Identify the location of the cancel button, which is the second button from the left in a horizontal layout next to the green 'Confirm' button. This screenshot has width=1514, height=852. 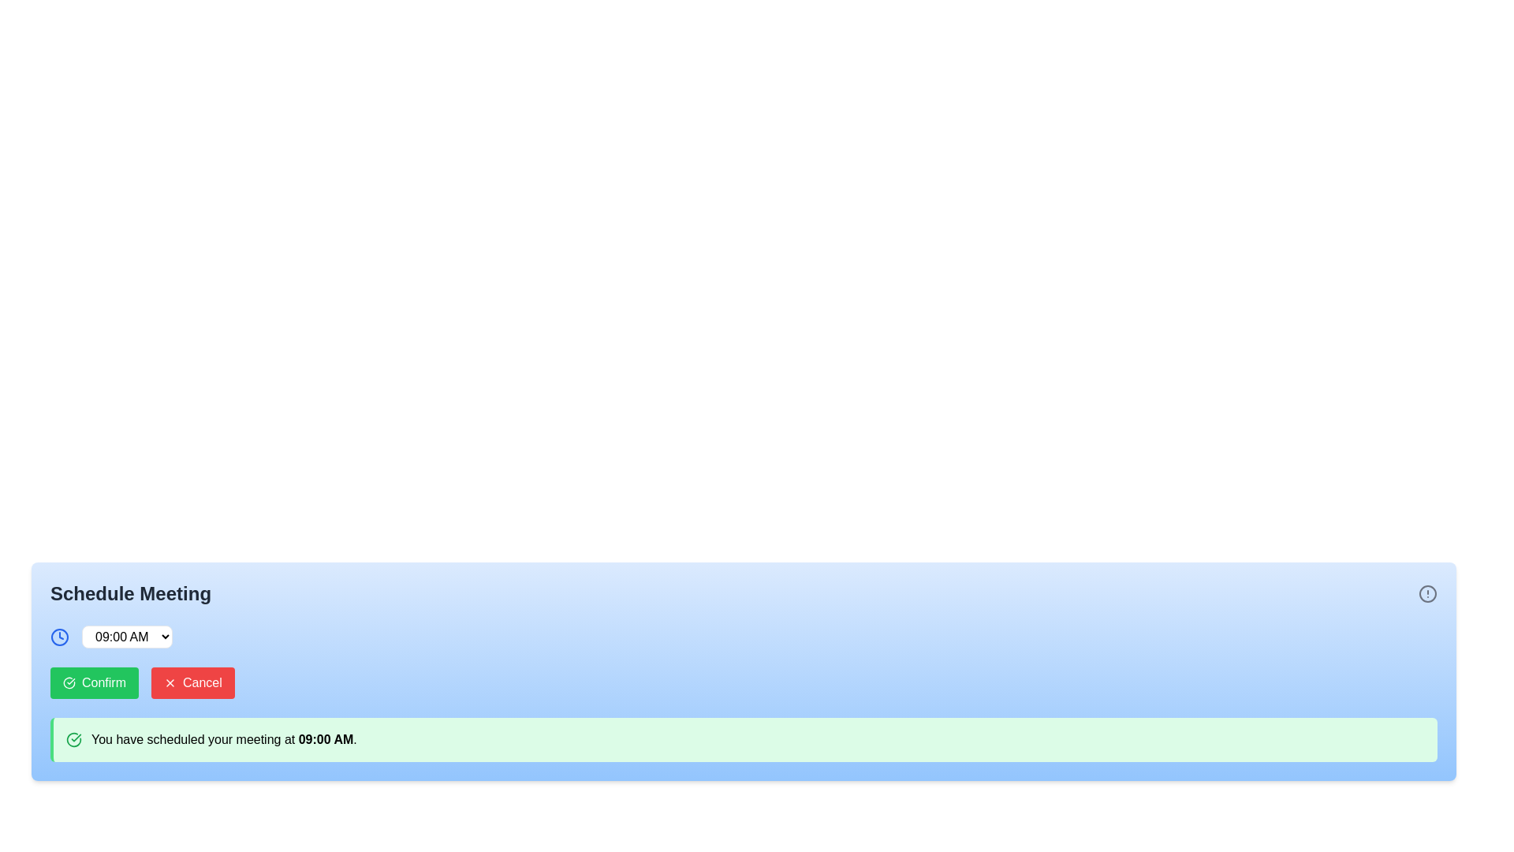
(192, 682).